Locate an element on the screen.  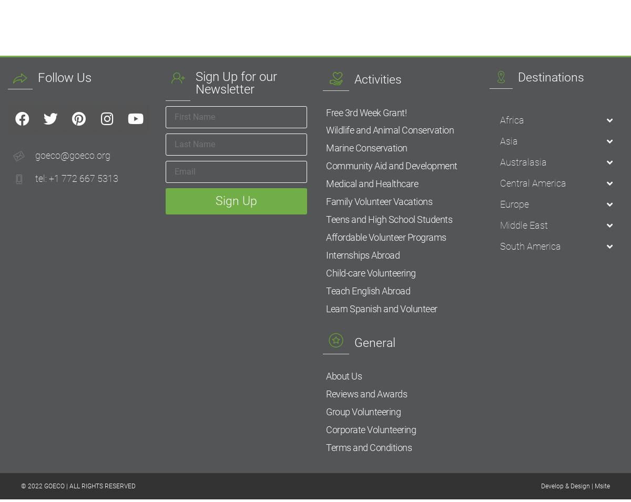
'Activities' is located at coordinates (353, 78).